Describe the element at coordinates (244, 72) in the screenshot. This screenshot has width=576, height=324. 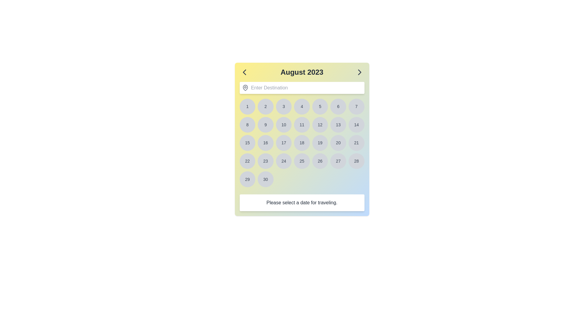
I see `the left chevron button, which is dark-colored and positioned against a light yellow background` at that location.